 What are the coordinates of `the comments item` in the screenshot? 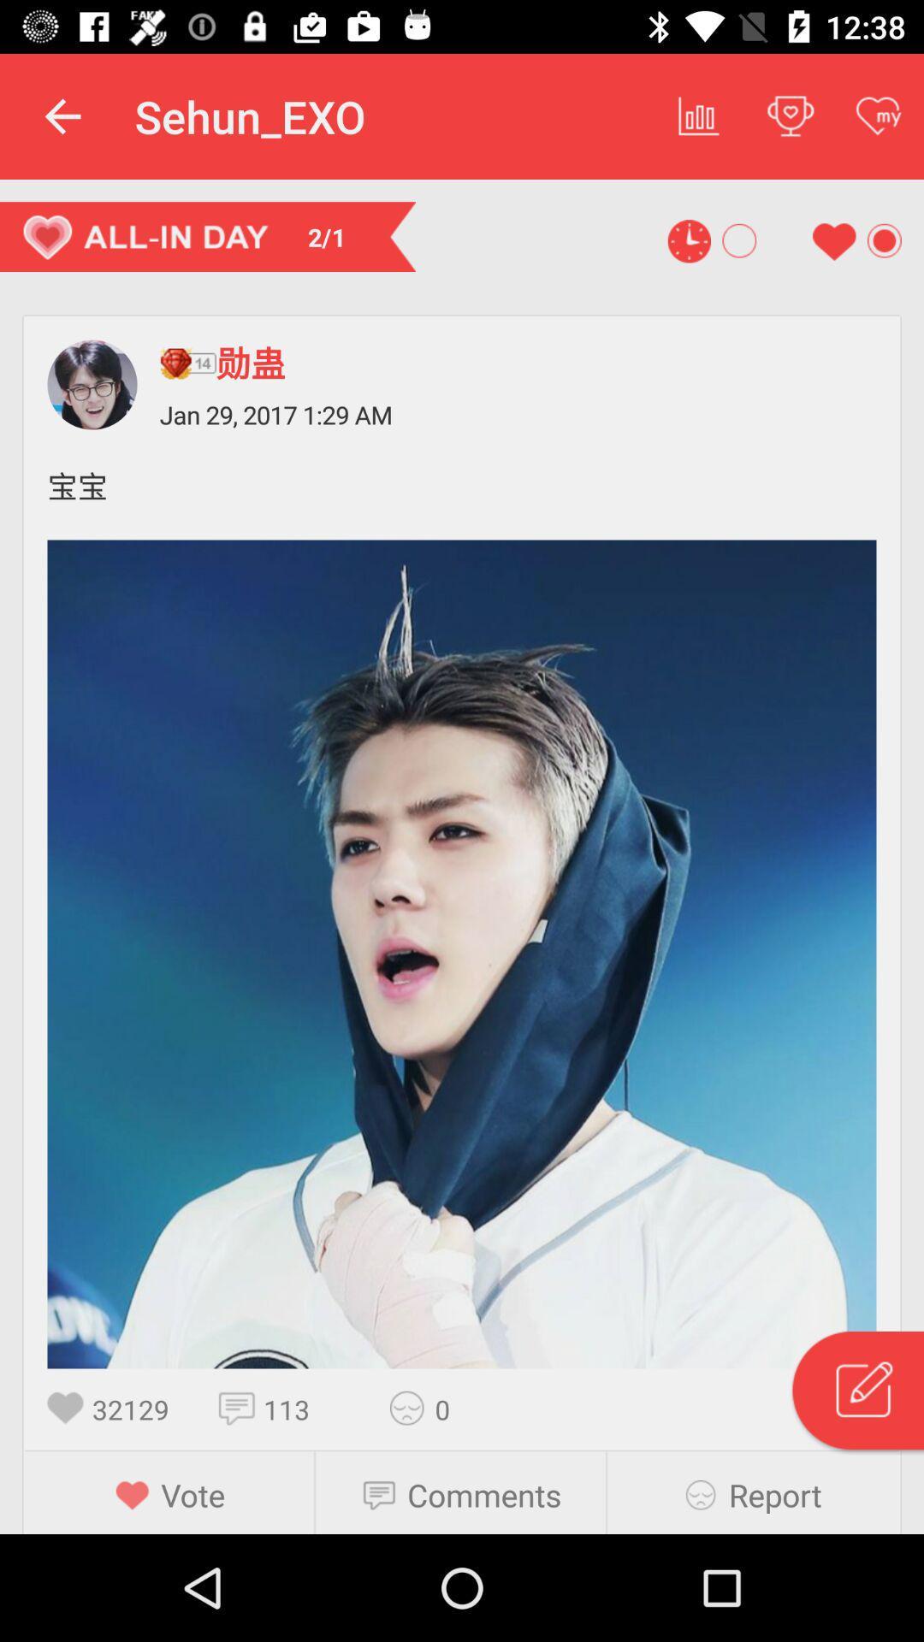 It's located at (484, 1494).